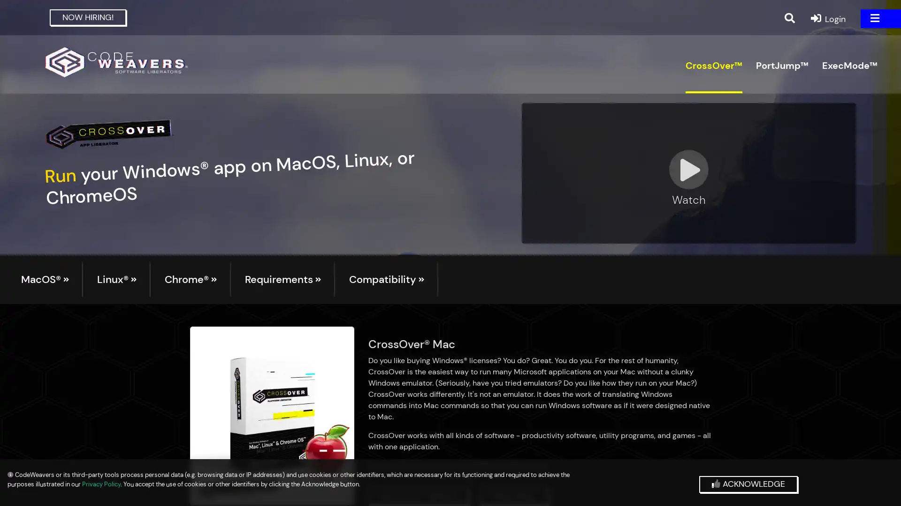 The image size is (901, 506). What do you see at coordinates (88, 17) in the screenshot?
I see `NOW HIRING!` at bounding box center [88, 17].